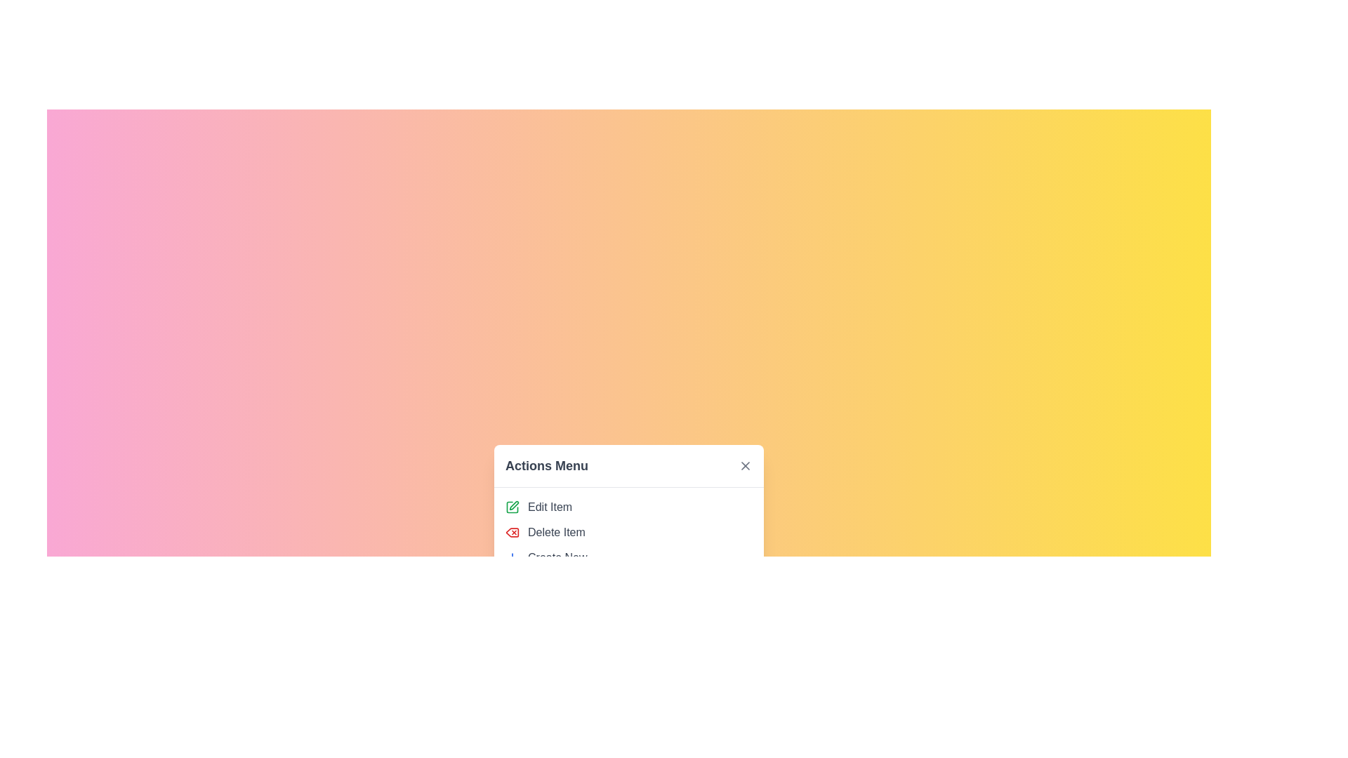 The width and height of the screenshot is (1348, 758). I want to click on the 'Delete Item' menu option, which features a red trash can icon and is positioned as the second item in a vertical list within the menu, so click(628, 532).